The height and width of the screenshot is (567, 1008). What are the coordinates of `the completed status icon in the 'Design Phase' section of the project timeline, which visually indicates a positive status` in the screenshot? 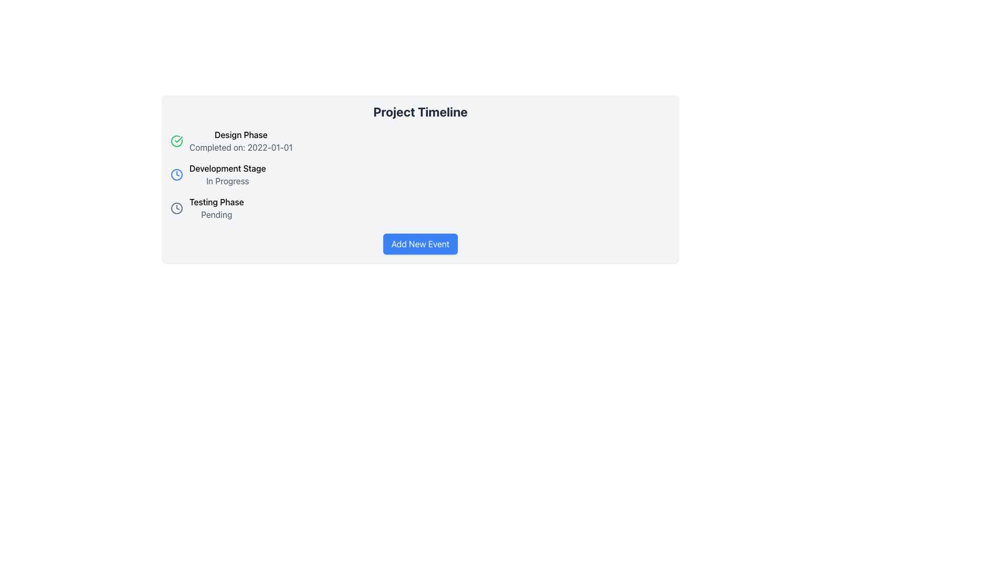 It's located at (178, 139).